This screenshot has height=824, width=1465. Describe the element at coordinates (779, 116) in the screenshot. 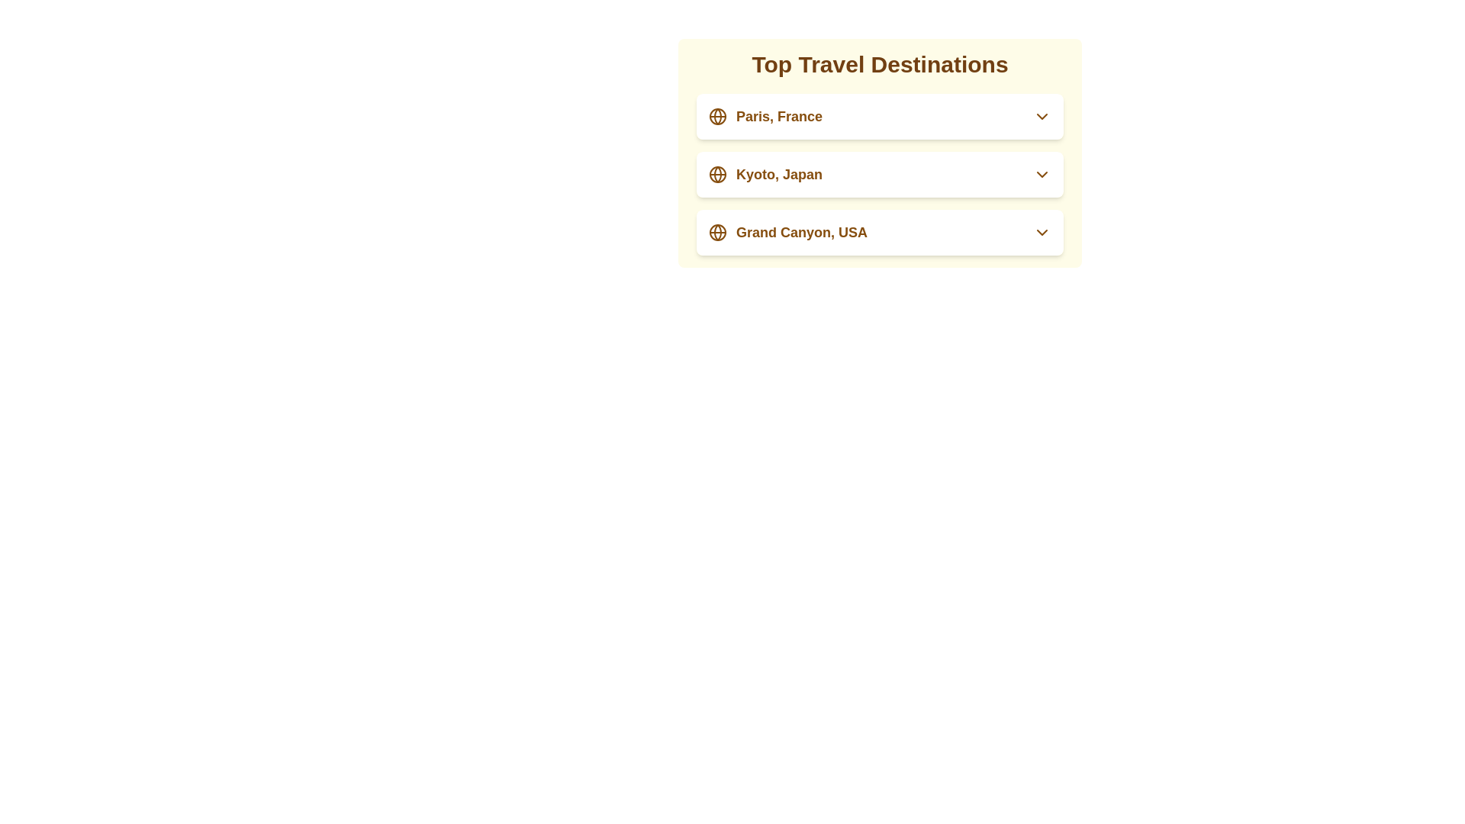

I see `the text label displaying 'Paris, France', which is styled in a bold brownish font and located at the top of the 'Top Travel Destinations' list, next to a globe icon` at that location.